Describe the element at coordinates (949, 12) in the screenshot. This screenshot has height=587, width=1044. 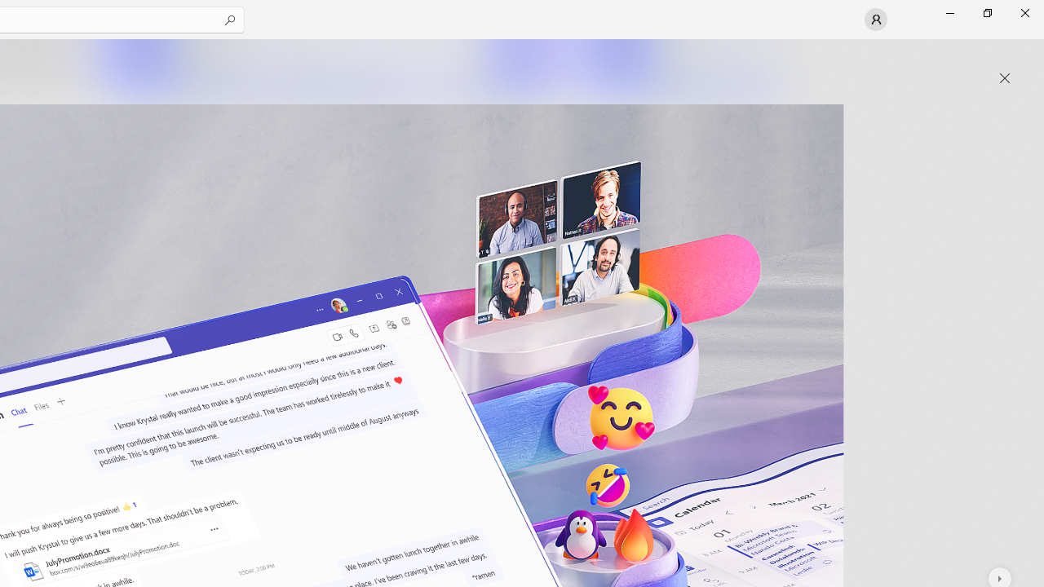
I see `'Minimize Microsoft Store'` at that location.